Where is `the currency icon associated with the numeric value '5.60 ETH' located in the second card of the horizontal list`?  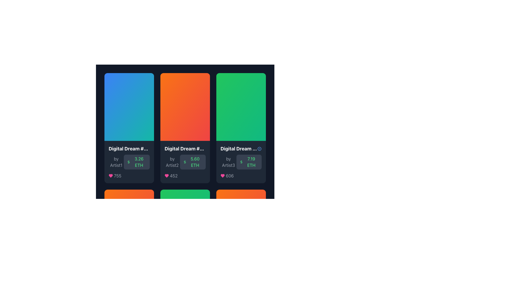
the currency icon associated with the numeric value '5.60 ETH' located in the second card of the horizontal list is located at coordinates (185, 162).